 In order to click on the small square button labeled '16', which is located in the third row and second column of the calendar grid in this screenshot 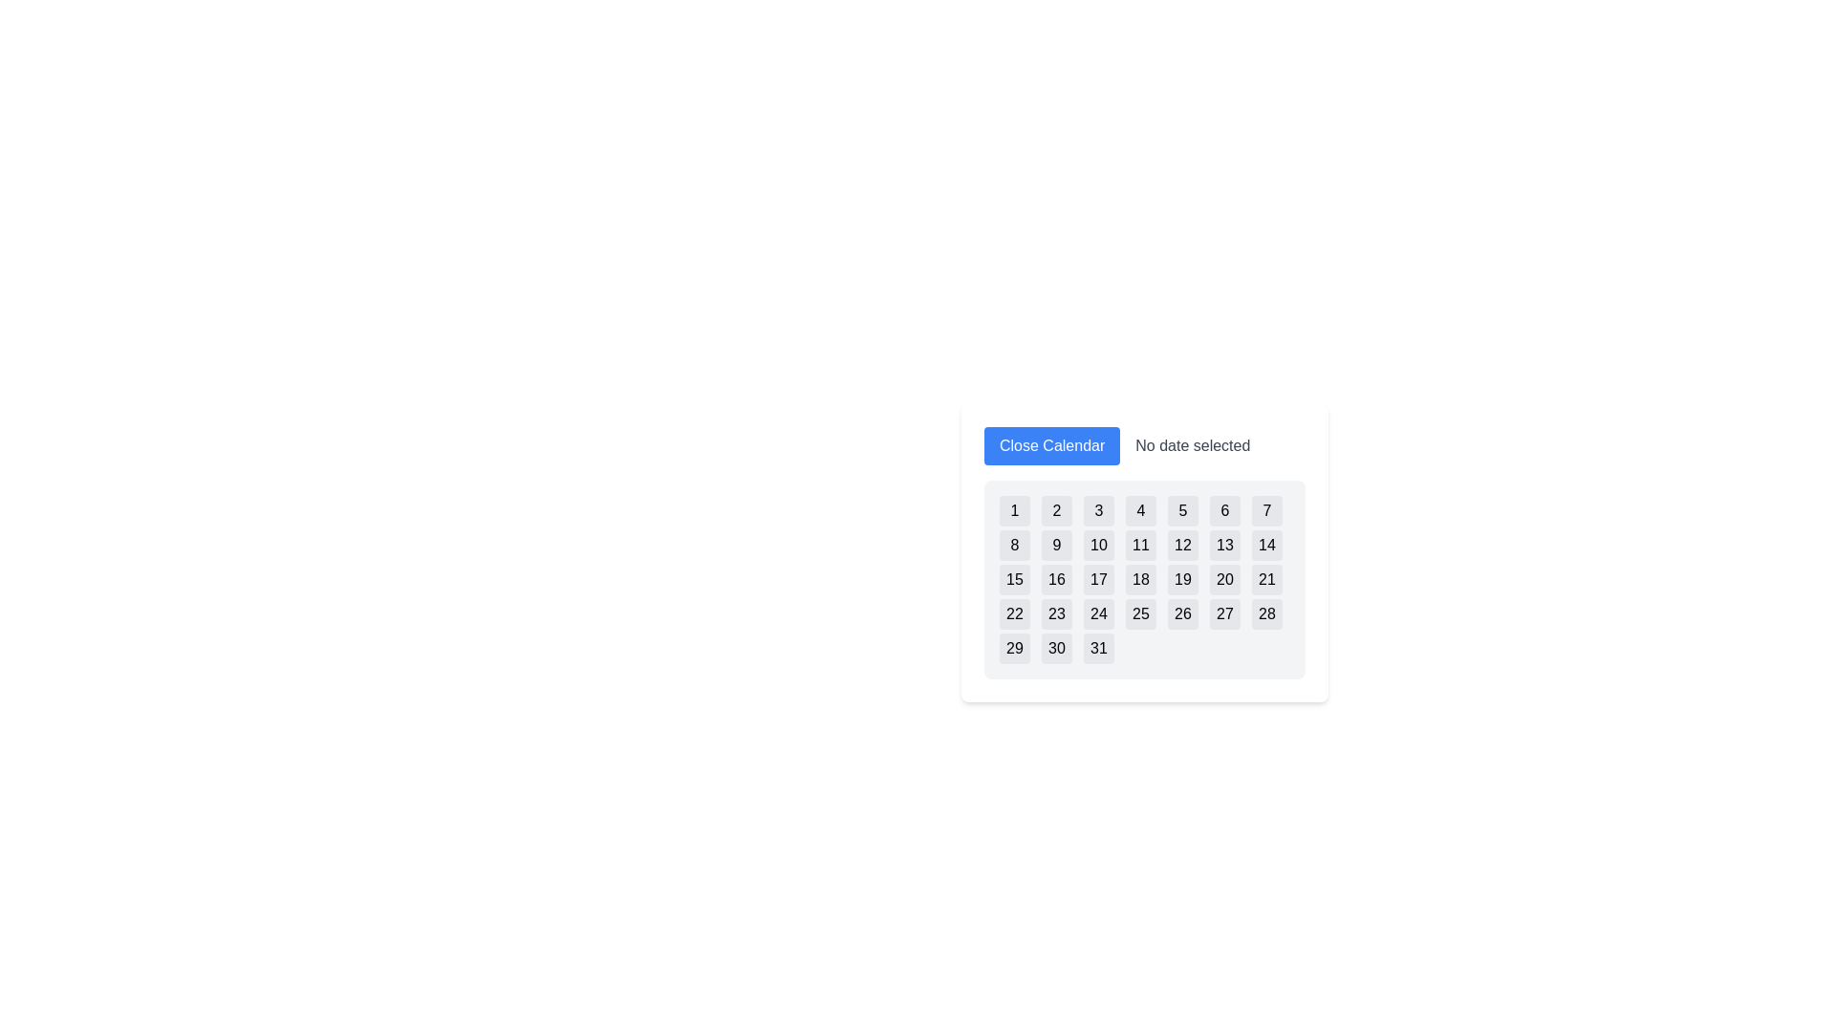, I will do `click(1055, 578)`.